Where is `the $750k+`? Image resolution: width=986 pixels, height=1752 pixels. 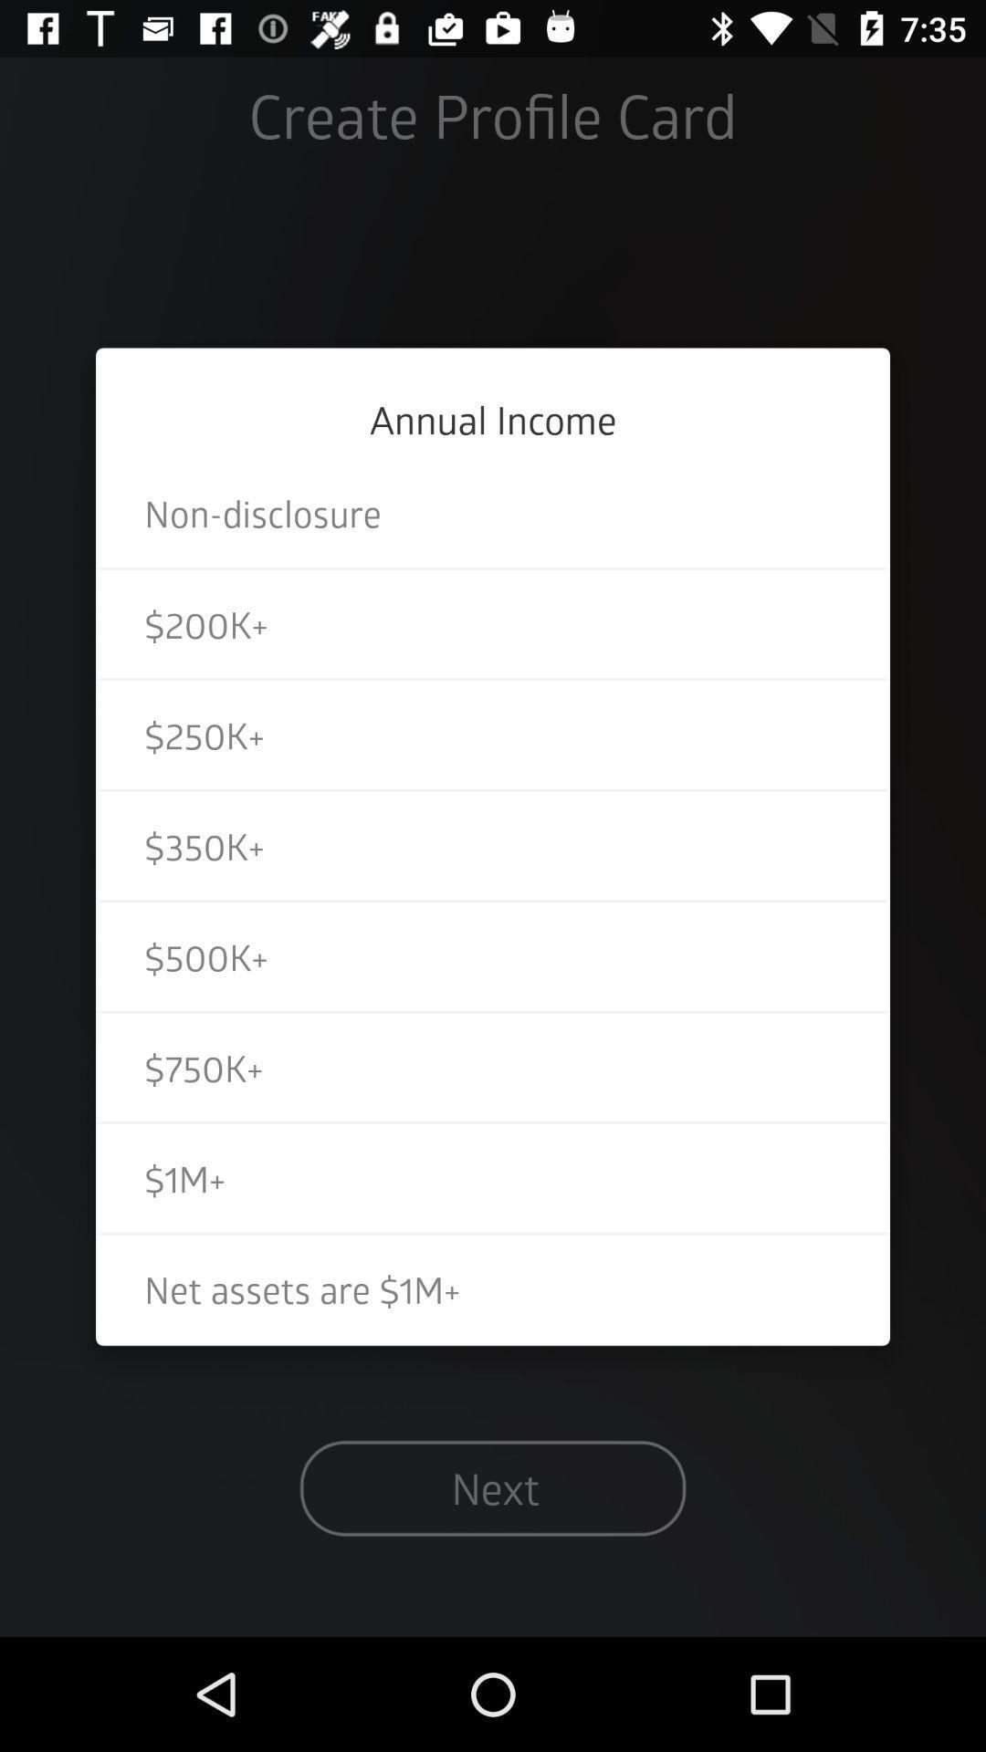 the $750k+ is located at coordinates (493, 1068).